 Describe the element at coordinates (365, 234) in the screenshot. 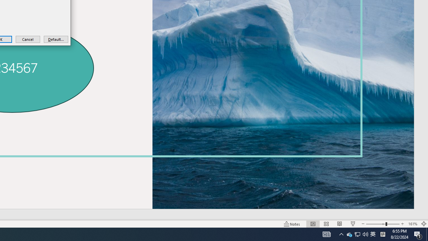

I see `'Q2790: 100%'` at that location.